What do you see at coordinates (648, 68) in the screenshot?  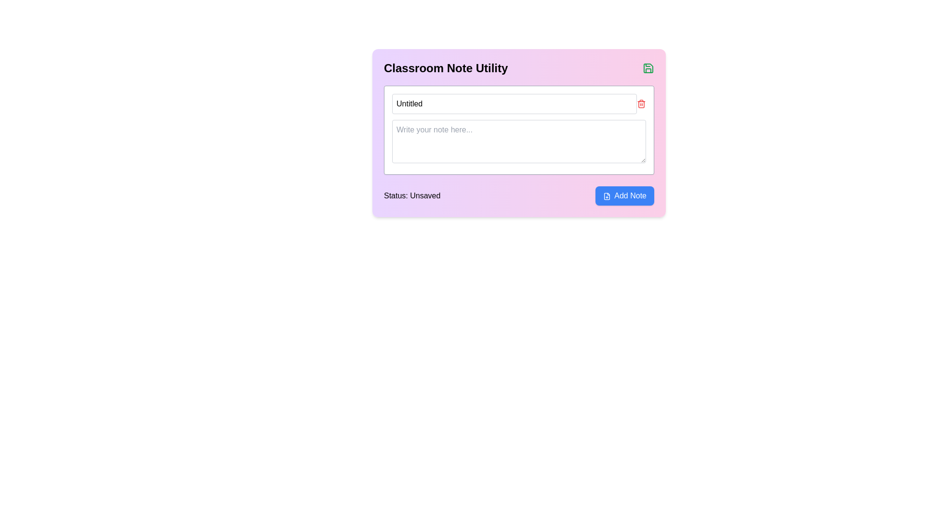 I see `the save icon located in the top right corner of the 'Classroom Note Utility' card` at bounding box center [648, 68].